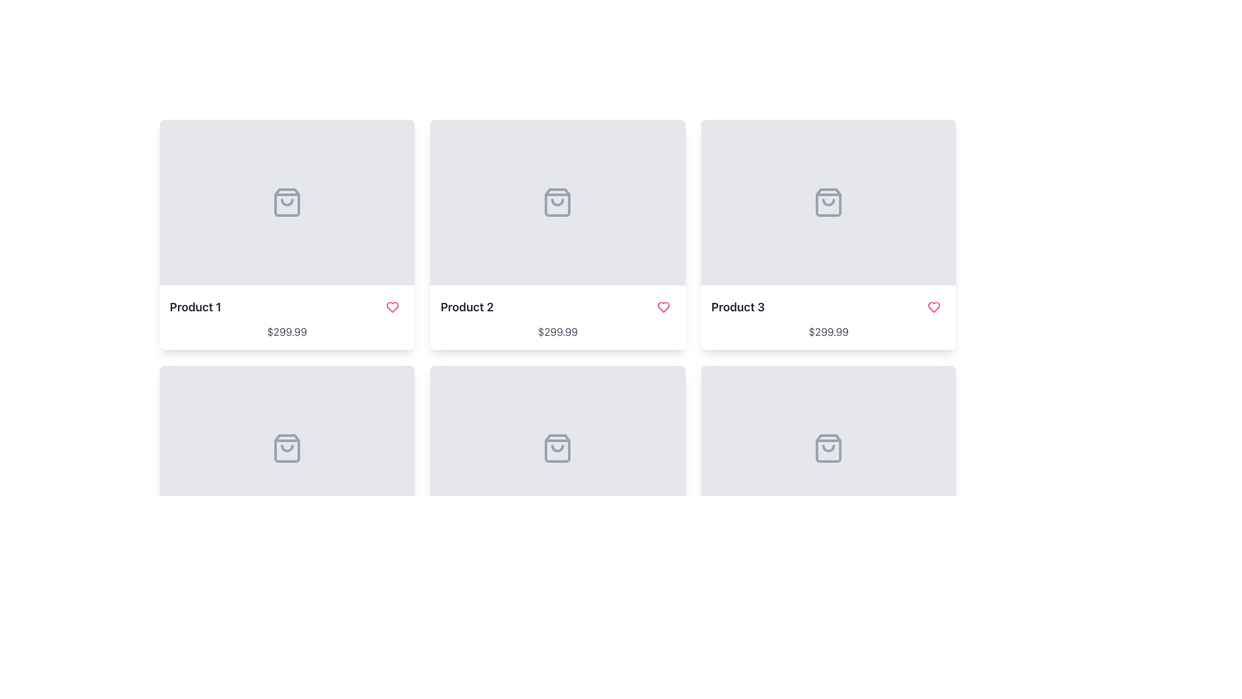  What do you see at coordinates (558, 448) in the screenshot?
I see `the shopping bag icon located in the middle column of the lower row` at bounding box center [558, 448].